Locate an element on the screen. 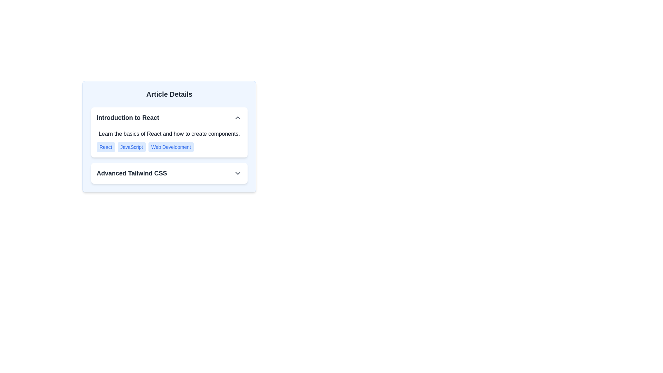 The height and width of the screenshot is (373, 663). the Text Label located near the bottom of the 'Article Details' section, adjacent to the chevron-down icon, which represents a category or topic is located at coordinates (132, 173).